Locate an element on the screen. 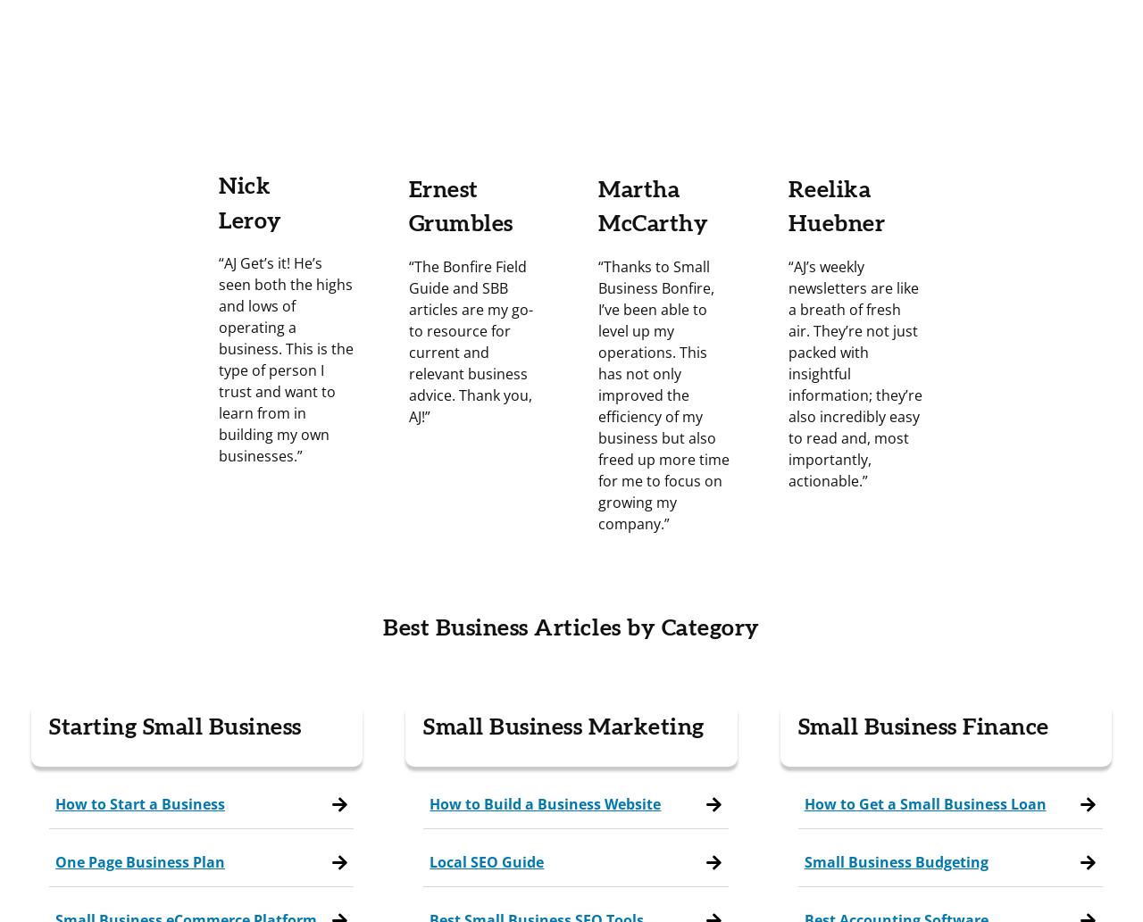 The height and width of the screenshot is (922, 1143). '“Thanks to Small Business Bonfire, I’ve been able to level up my operations. This has not only improved the efficiency of my business but also freed up more time for me to focus on growing my company.”' is located at coordinates (663, 395).